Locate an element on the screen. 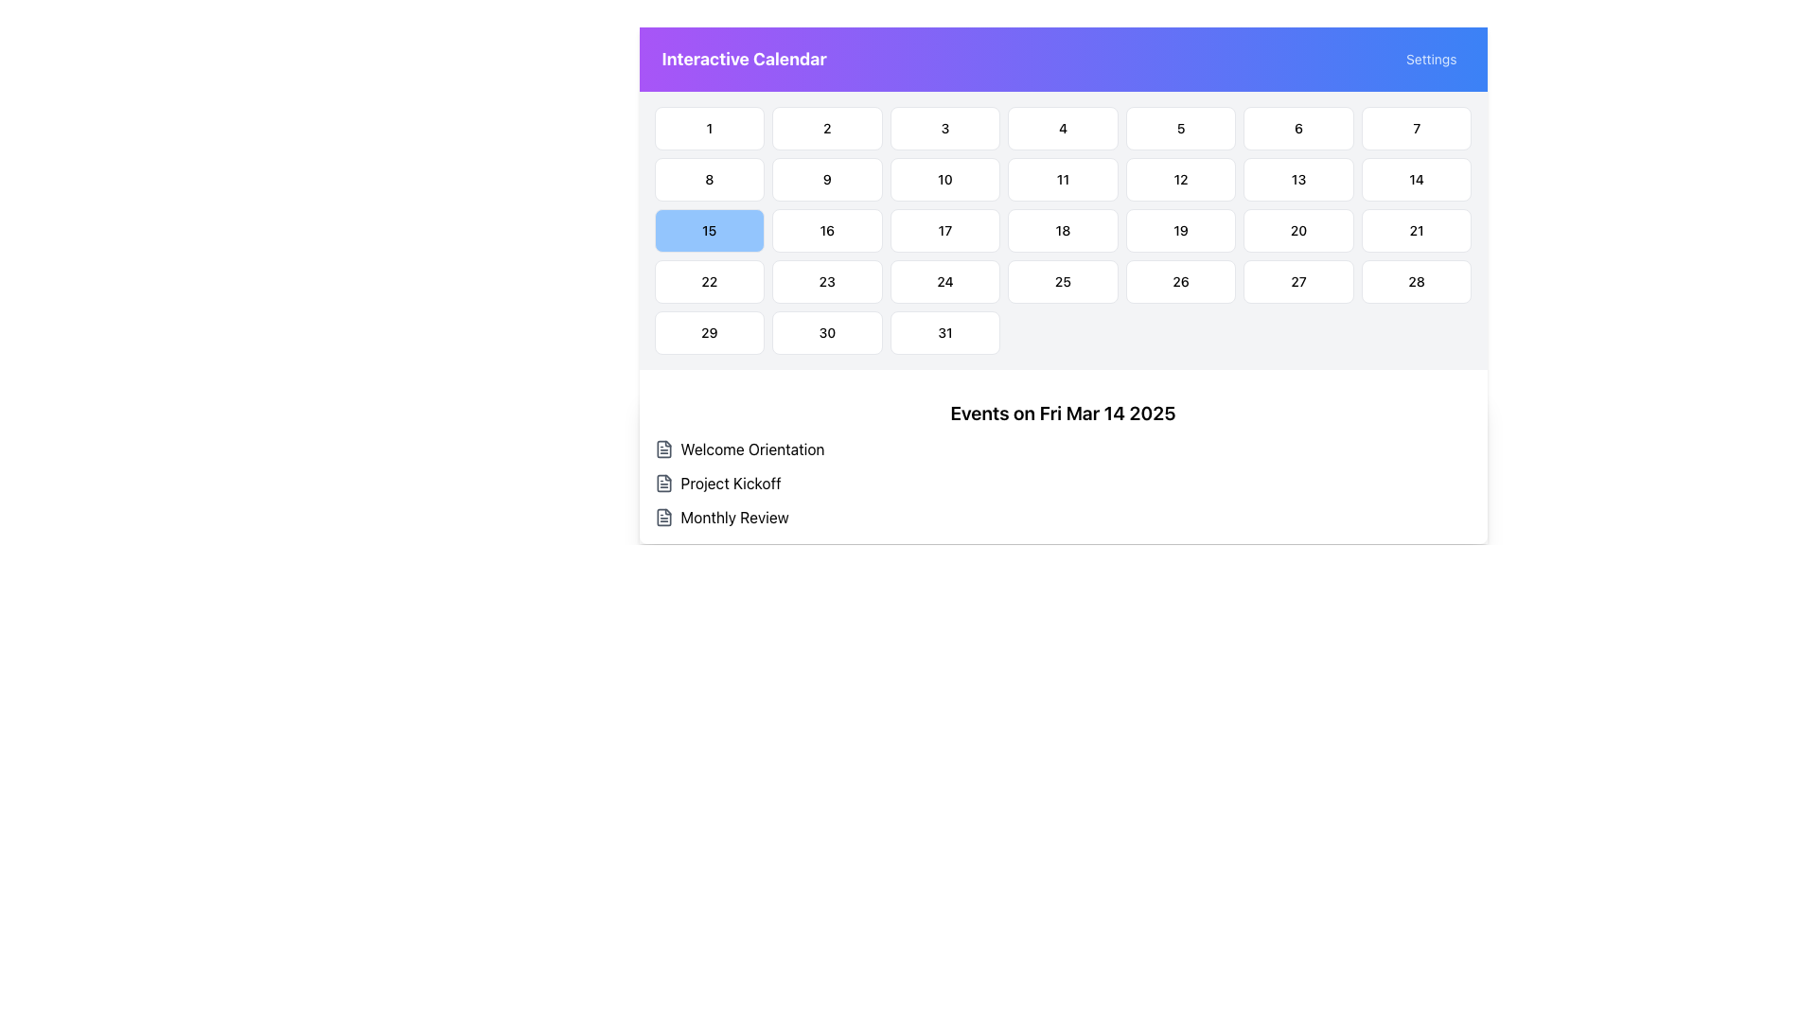 The image size is (1817, 1022). the Label/Display Box that displays the number '27' in bold text is located at coordinates (1297, 281).